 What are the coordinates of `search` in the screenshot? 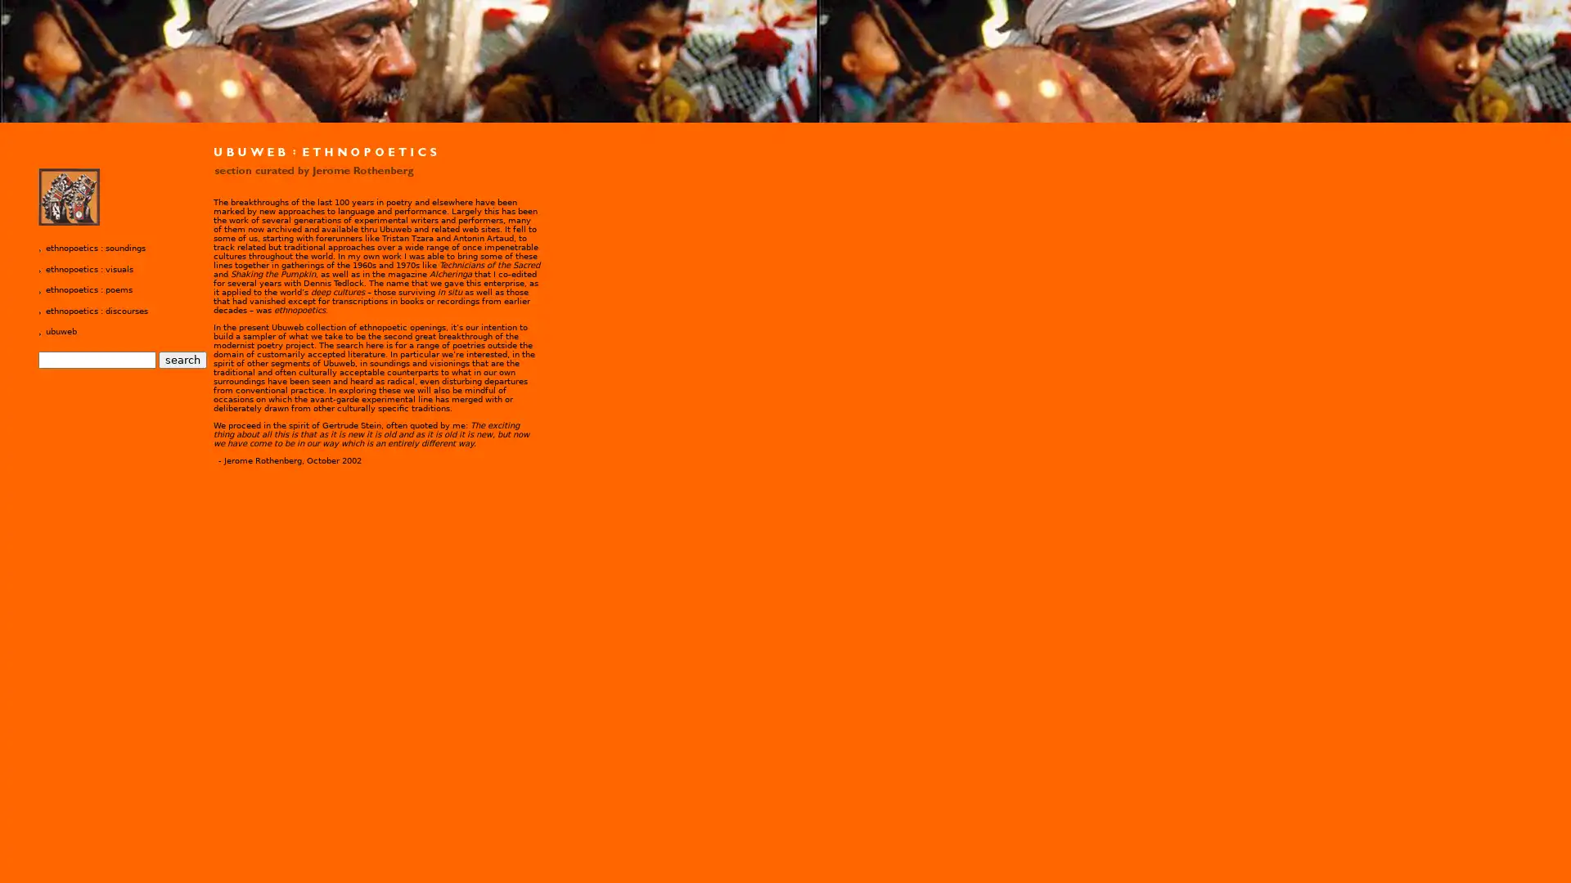 It's located at (182, 358).